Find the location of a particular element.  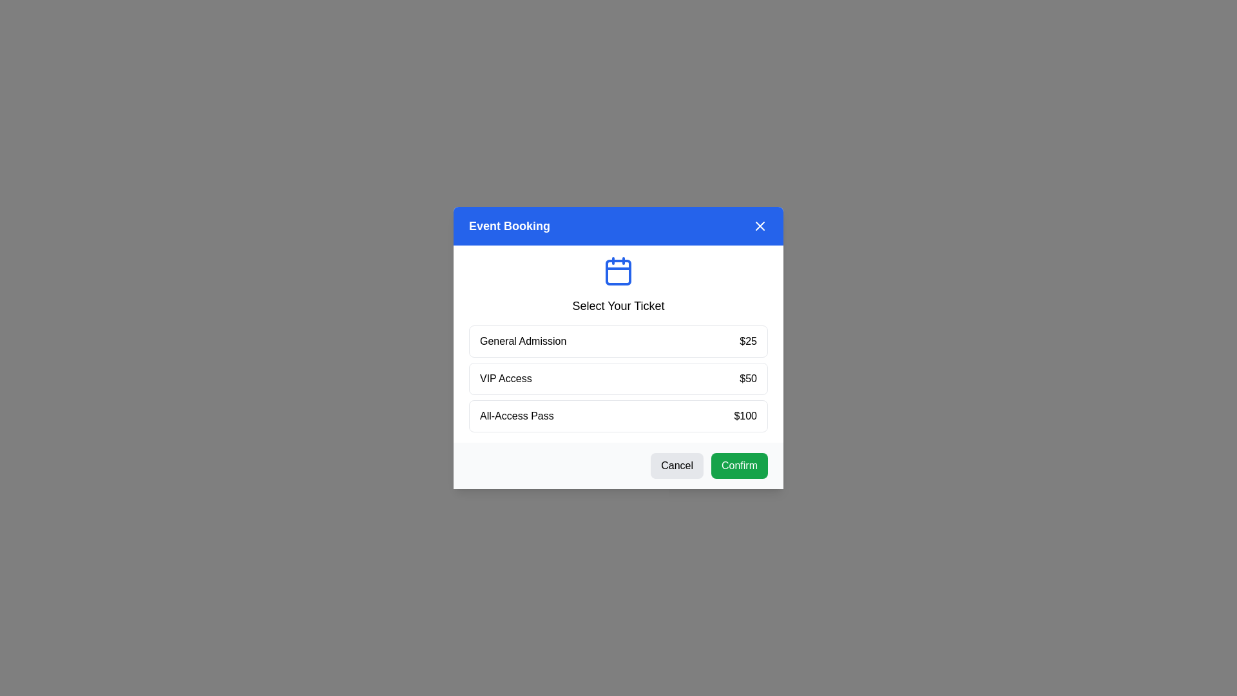

the 'Event Booking' text label located in the bright blue bar at the top of the modal window is located at coordinates (509, 226).